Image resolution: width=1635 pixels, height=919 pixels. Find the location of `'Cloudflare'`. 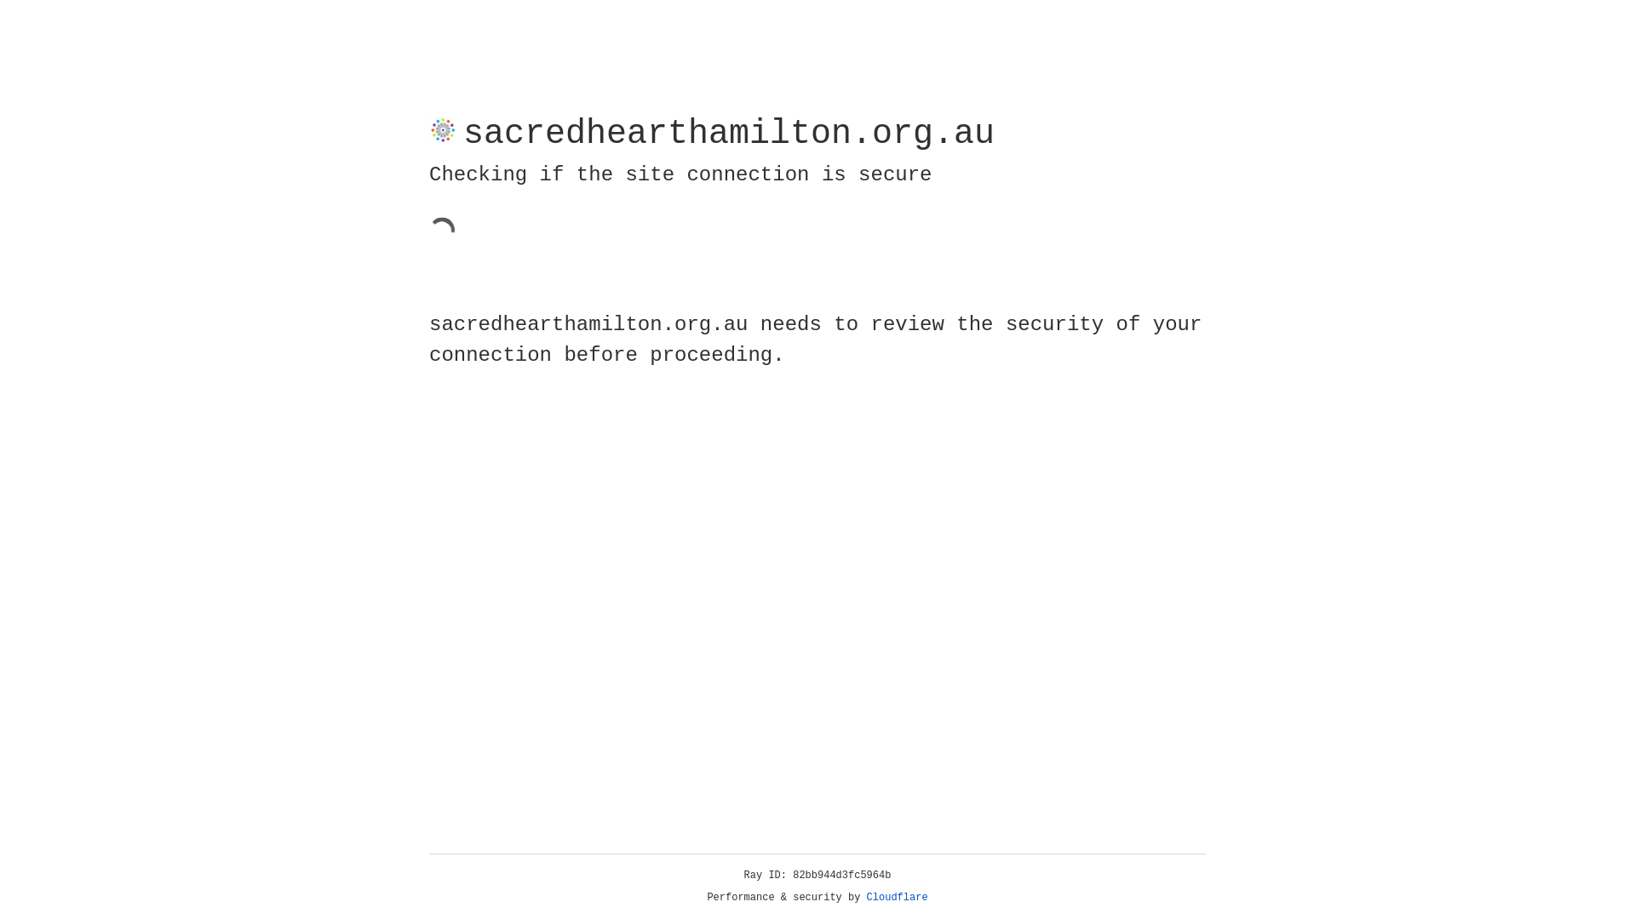

'Cloudflare' is located at coordinates (897, 897).